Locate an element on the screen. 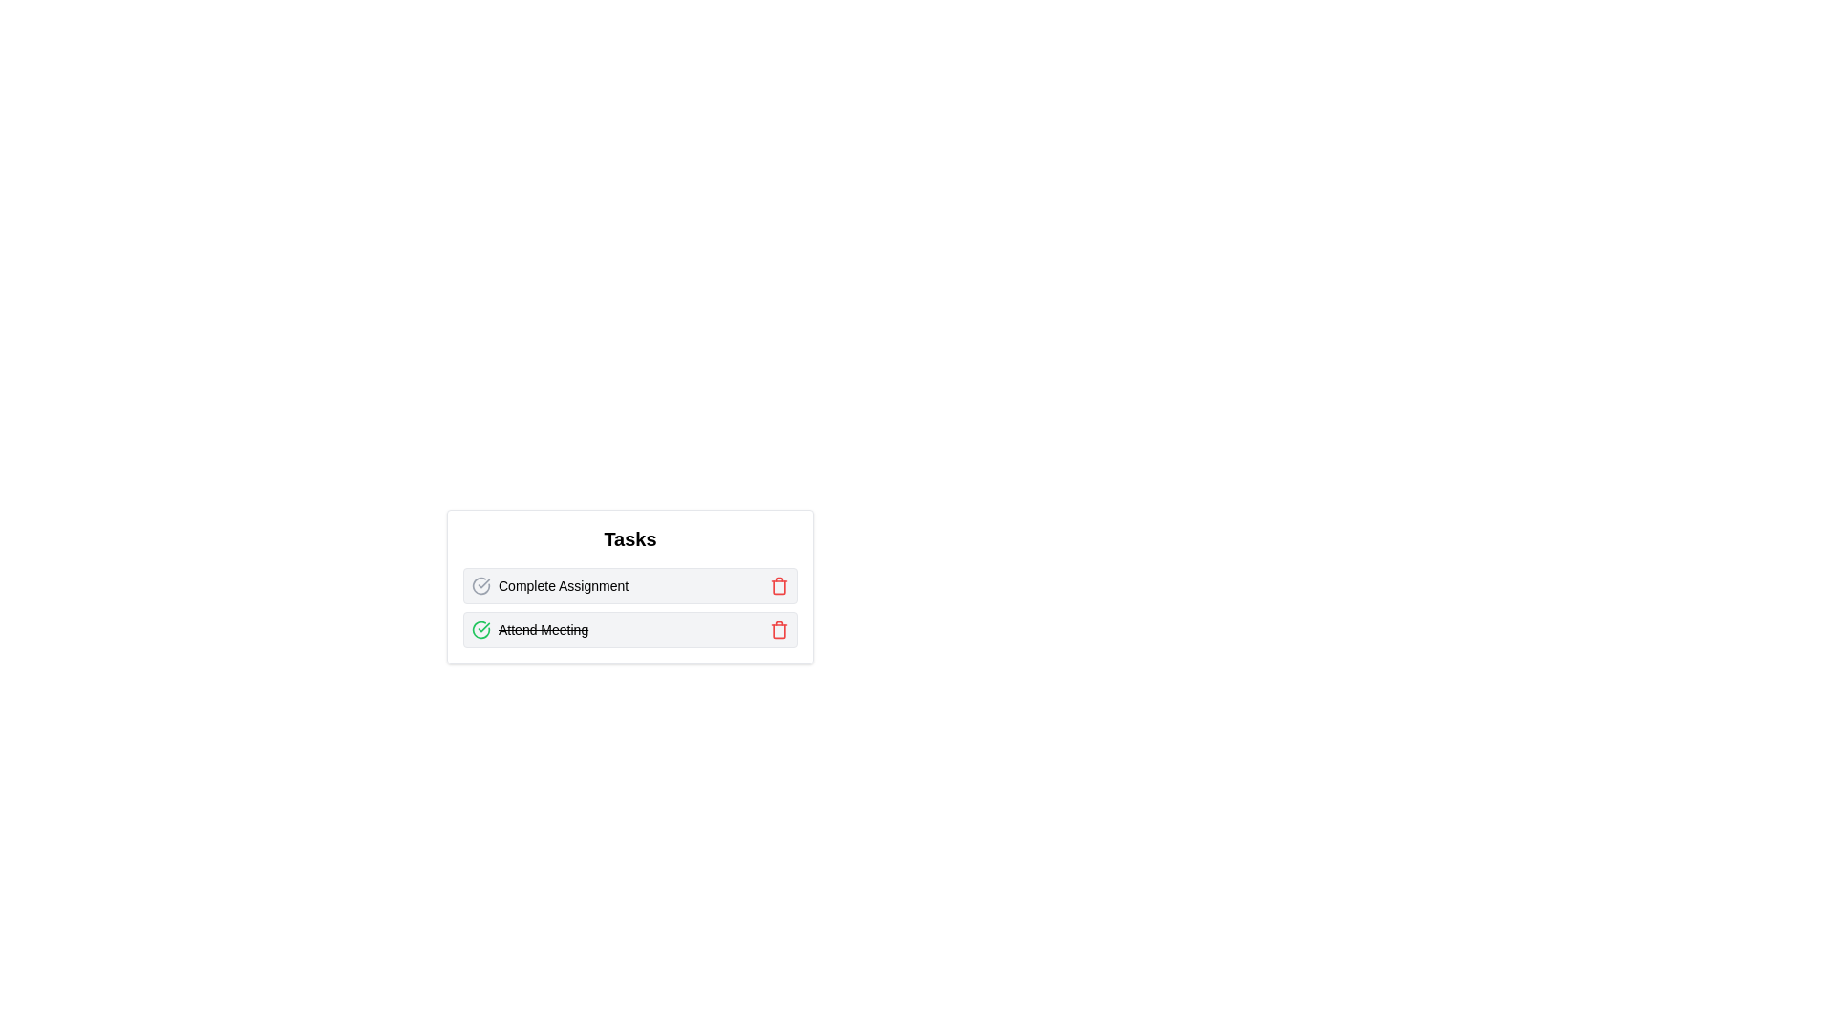  the status icon that indicates task completion, located to the far left of the 'Complete Assignment' item is located at coordinates (481, 584).